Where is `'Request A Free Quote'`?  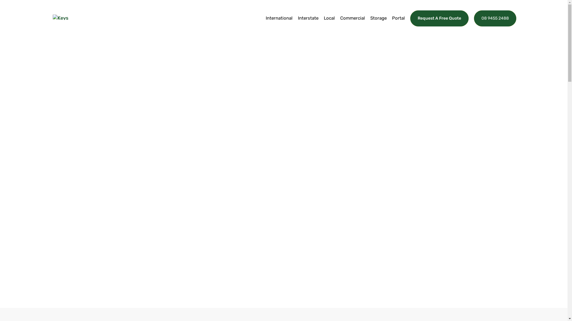 'Request A Free Quote' is located at coordinates (439, 18).